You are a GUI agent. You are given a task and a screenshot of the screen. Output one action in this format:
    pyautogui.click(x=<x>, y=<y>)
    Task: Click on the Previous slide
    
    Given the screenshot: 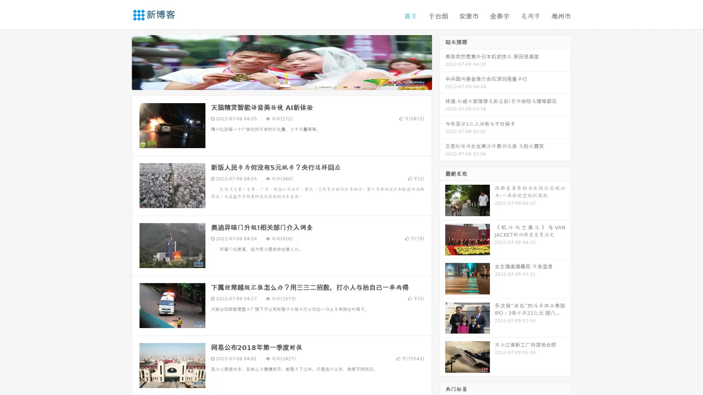 What is the action you would take?
    pyautogui.click(x=121, y=61)
    